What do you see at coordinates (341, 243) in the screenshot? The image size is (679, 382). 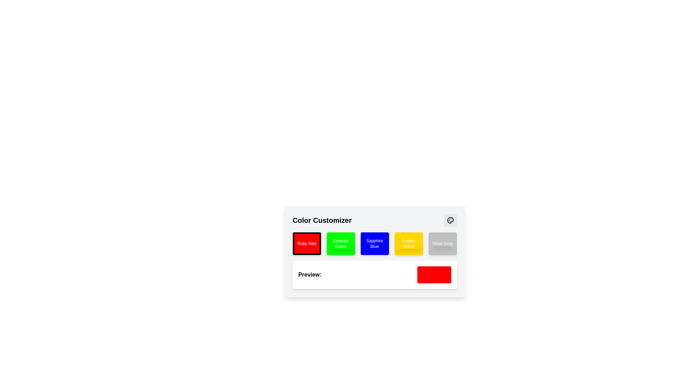 I see `the 'Emerald Green' button, which is the second button in the horizontal row of color selection buttons in the 'Color Customizer' section` at bounding box center [341, 243].